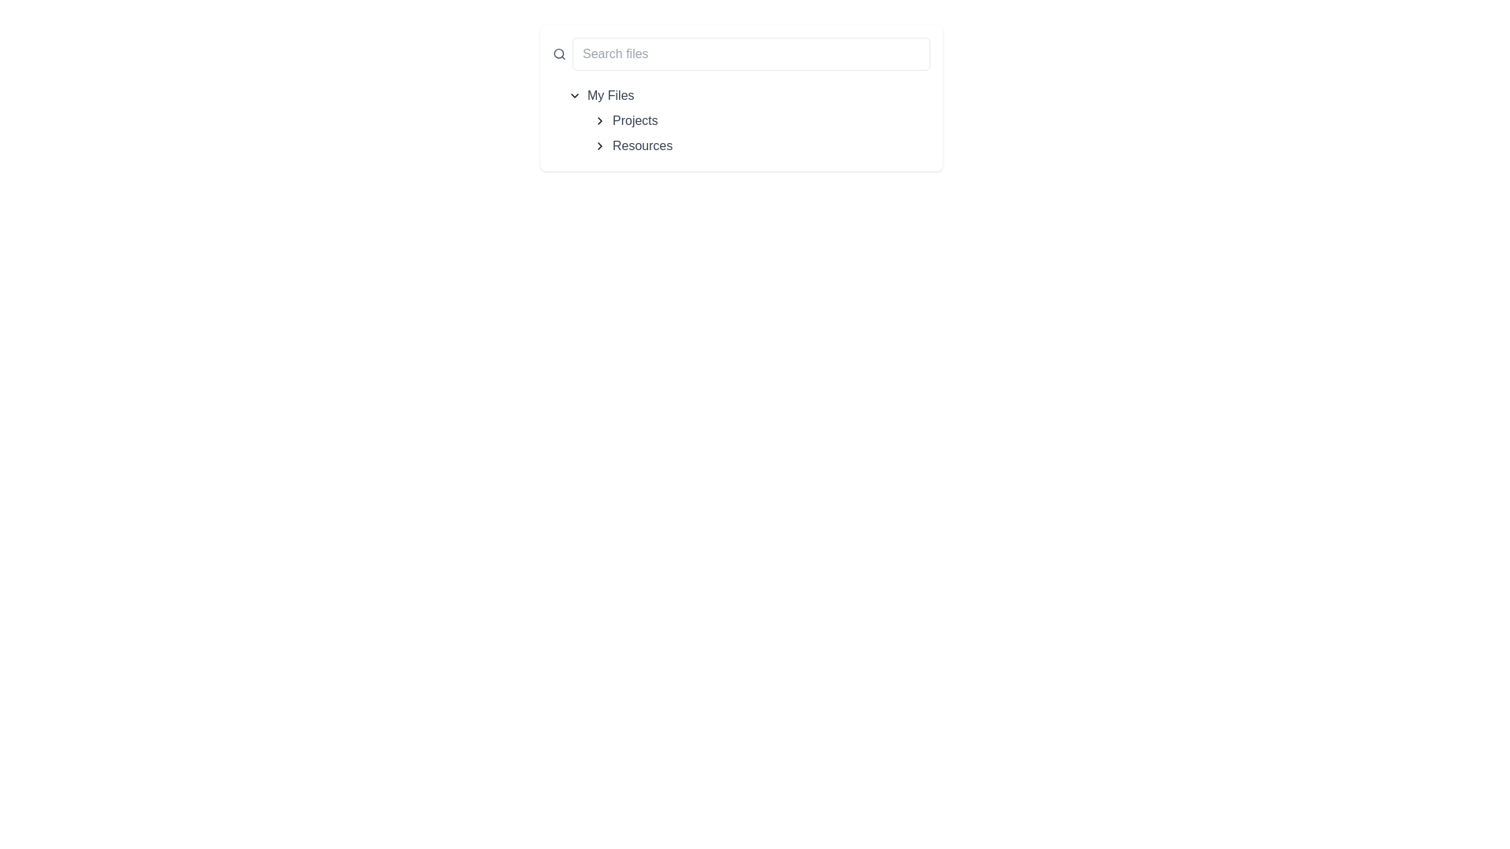  What do you see at coordinates (635, 120) in the screenshot?
I see `the 'Projects' label, which is styled in medium-weight gray font and is the first text entry in the list below the 'My Files' header` at bounding box center [635, 120].